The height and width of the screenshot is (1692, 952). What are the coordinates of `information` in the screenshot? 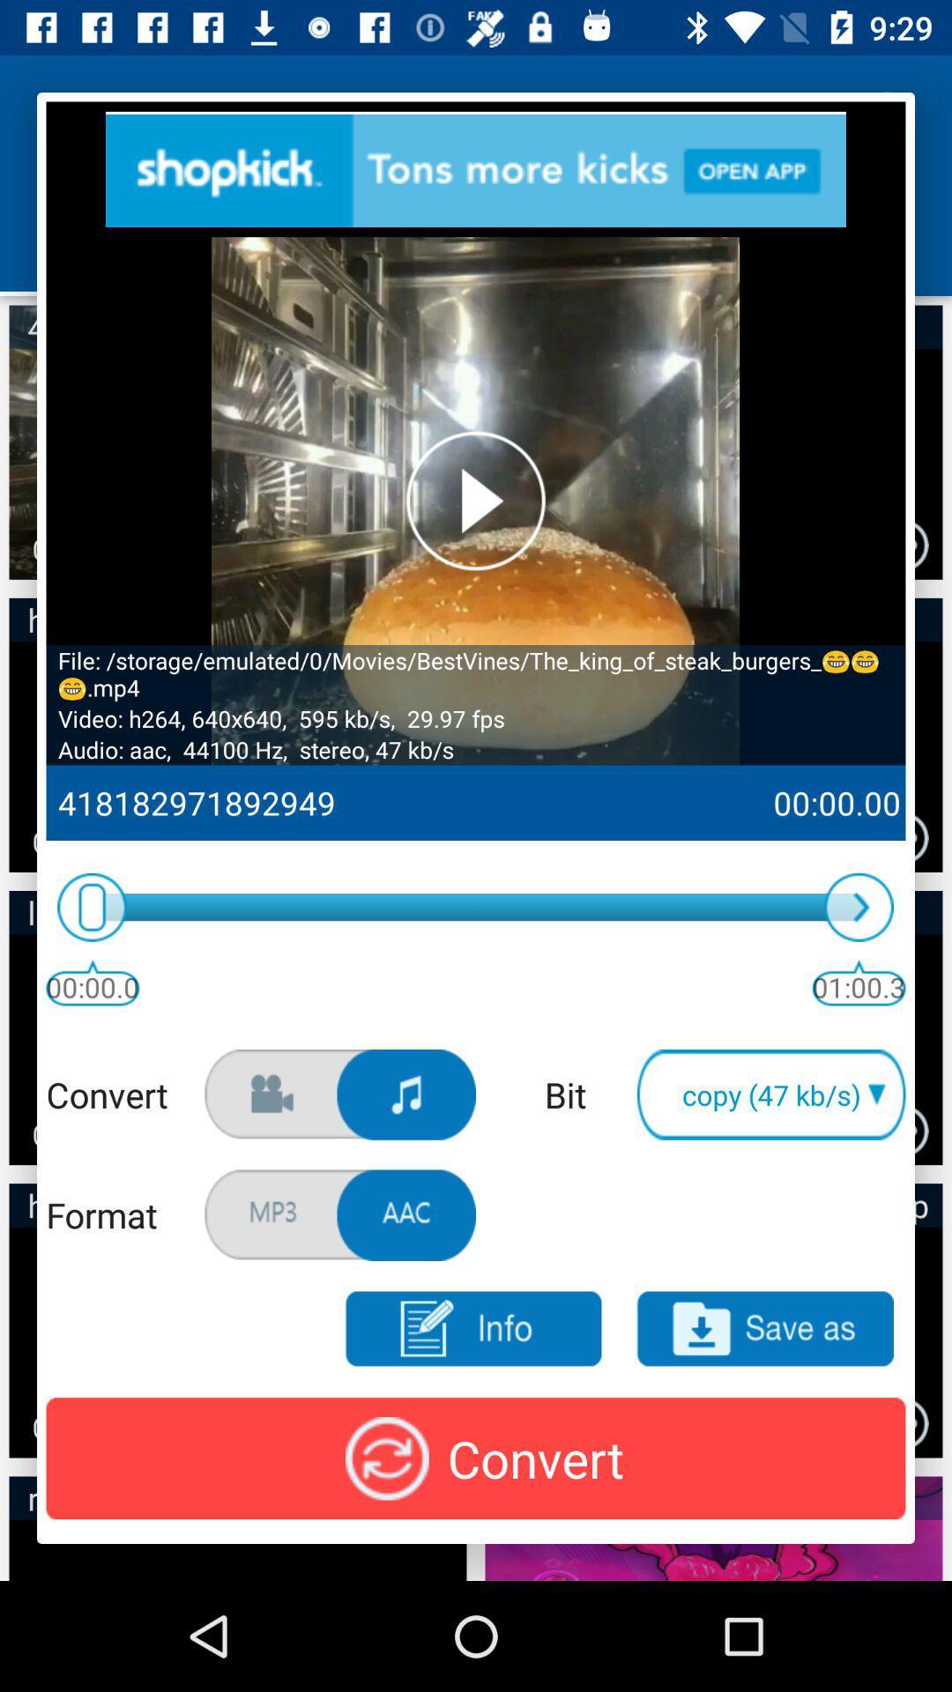 It's located at (472, 1329).